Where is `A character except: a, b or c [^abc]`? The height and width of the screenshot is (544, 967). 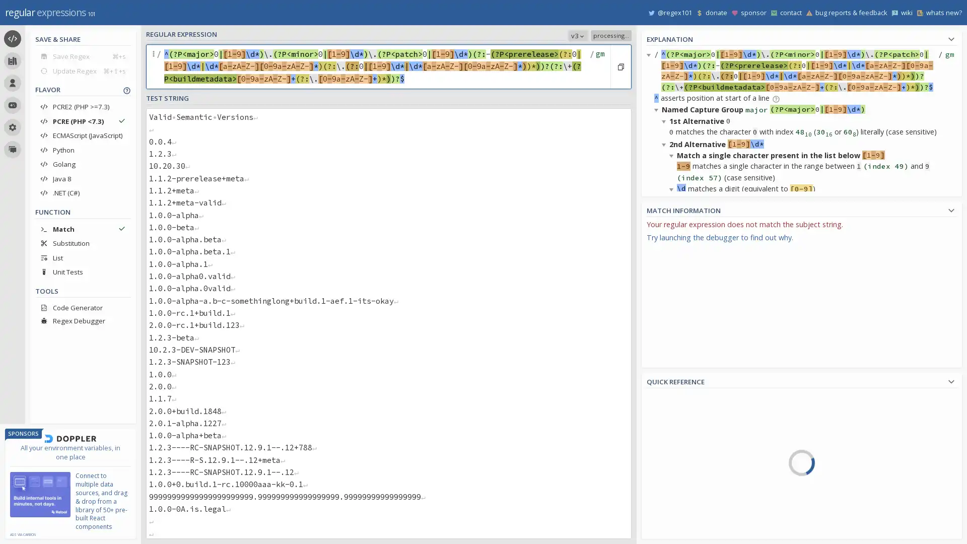
A character except: a, b or c [^abc] is located at coordinates (852, 413).